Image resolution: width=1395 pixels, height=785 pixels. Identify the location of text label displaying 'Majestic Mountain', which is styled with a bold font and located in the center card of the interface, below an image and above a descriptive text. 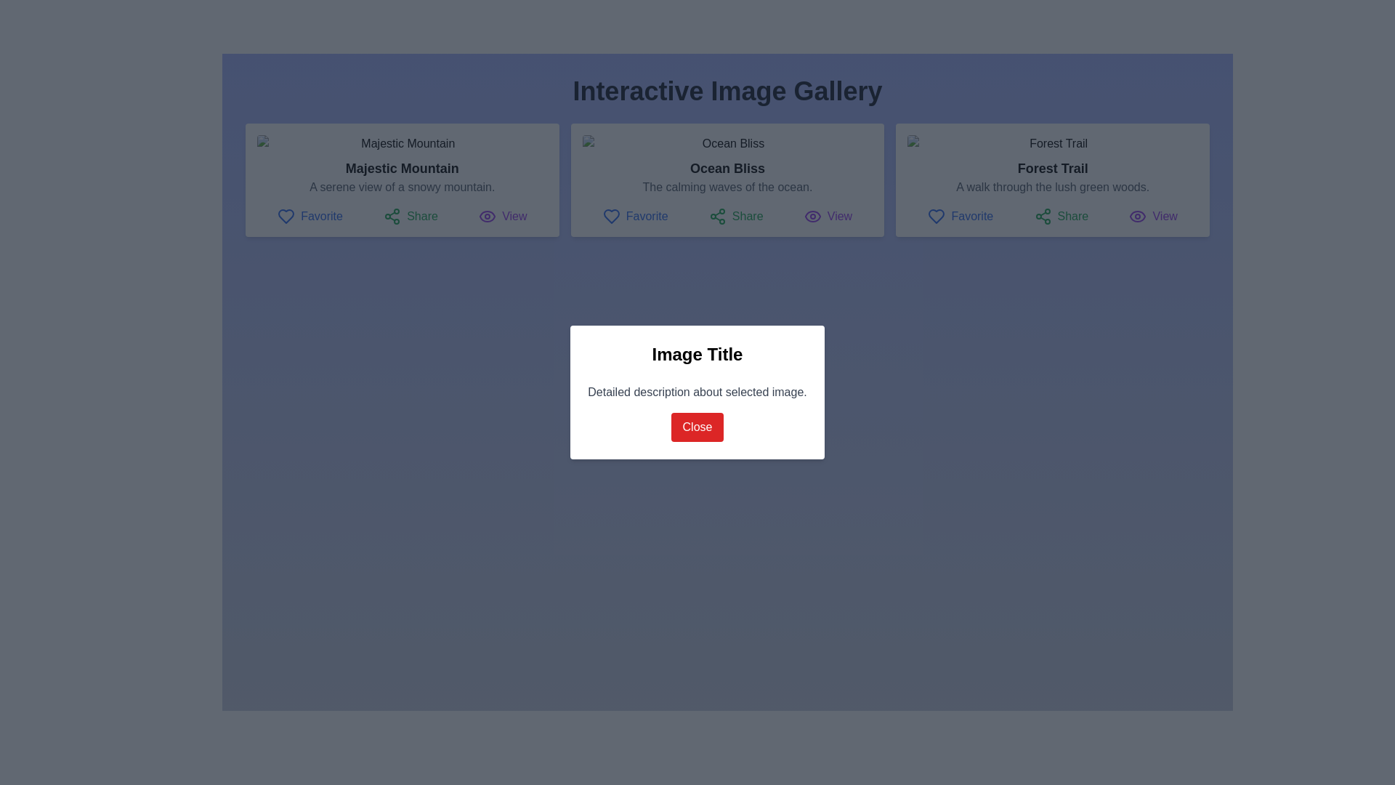
(402, 167).